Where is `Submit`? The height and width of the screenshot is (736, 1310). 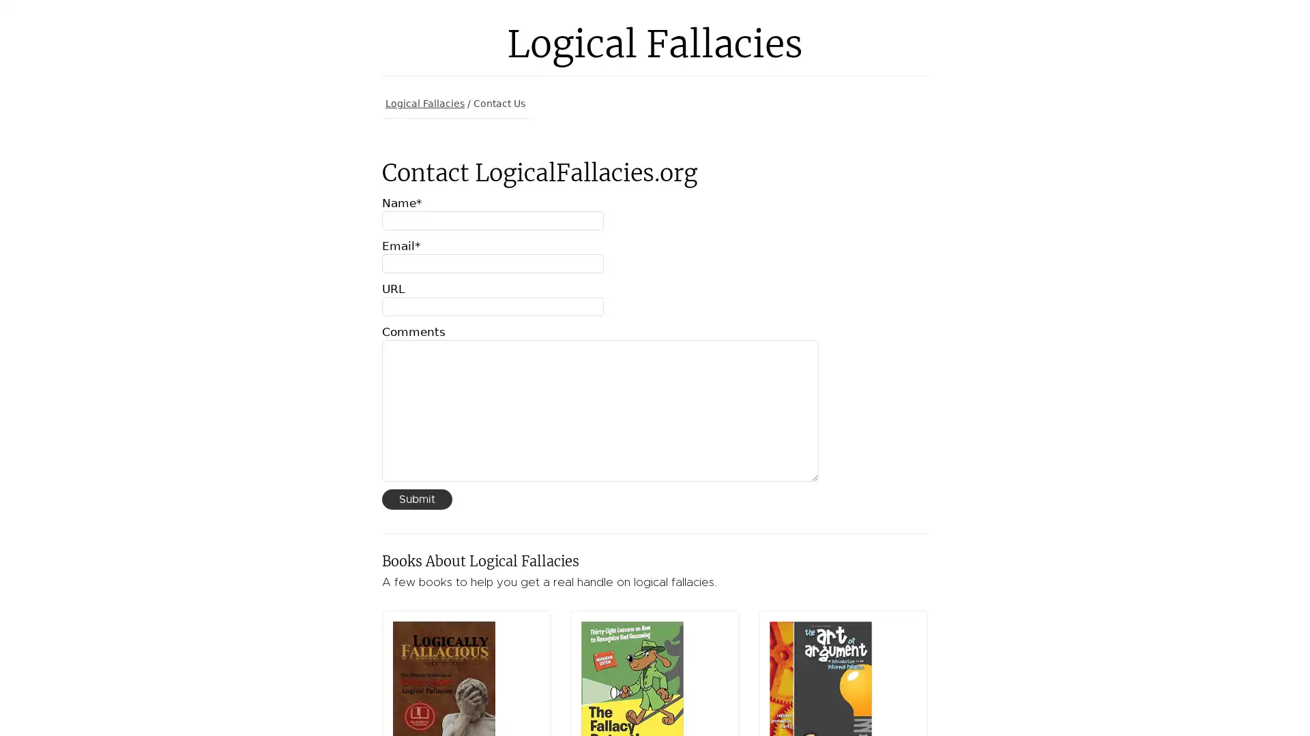
Submit is located at coordinates (416, 499).